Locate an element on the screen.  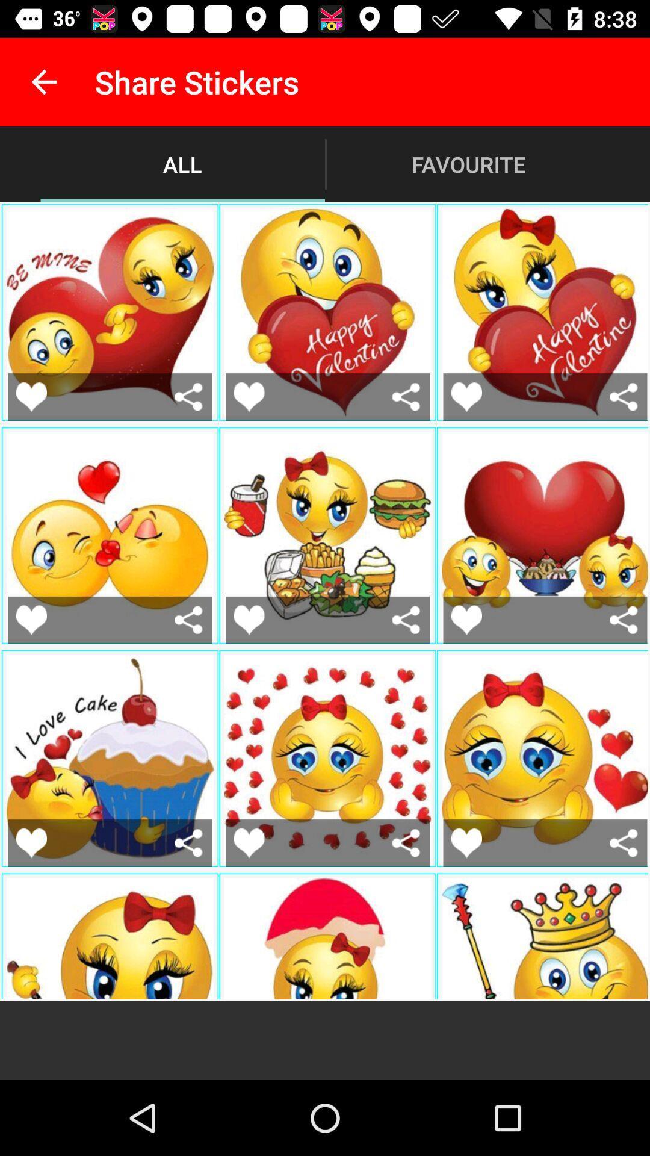
to favorite is located at coordinates (31, 620).